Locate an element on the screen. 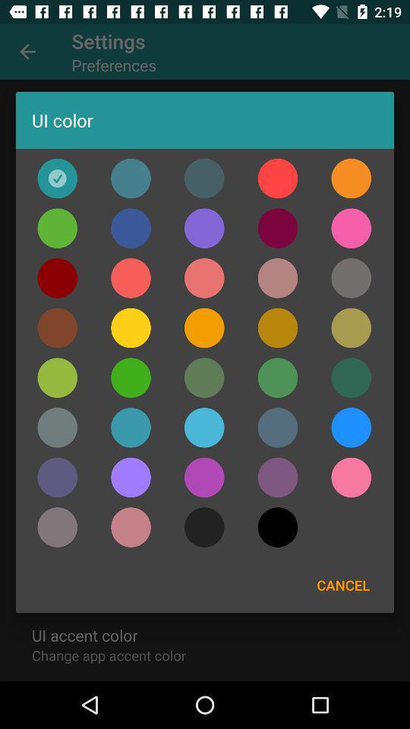 The height and width of the screenshot is (729, 410). choose the colour is located at coordinates (131, 476).